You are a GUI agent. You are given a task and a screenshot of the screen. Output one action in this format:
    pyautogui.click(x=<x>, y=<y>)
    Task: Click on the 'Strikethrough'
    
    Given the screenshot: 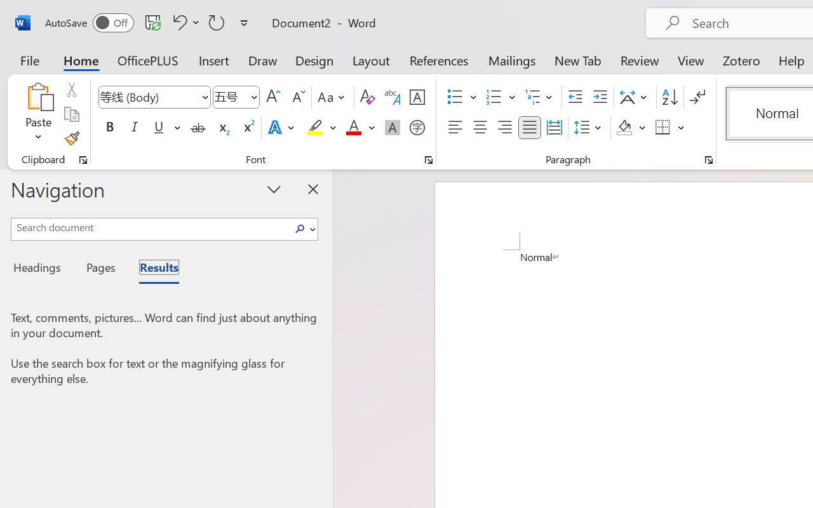 What is the action you would take?
    pyautogui.click(x=198, y=128)
    